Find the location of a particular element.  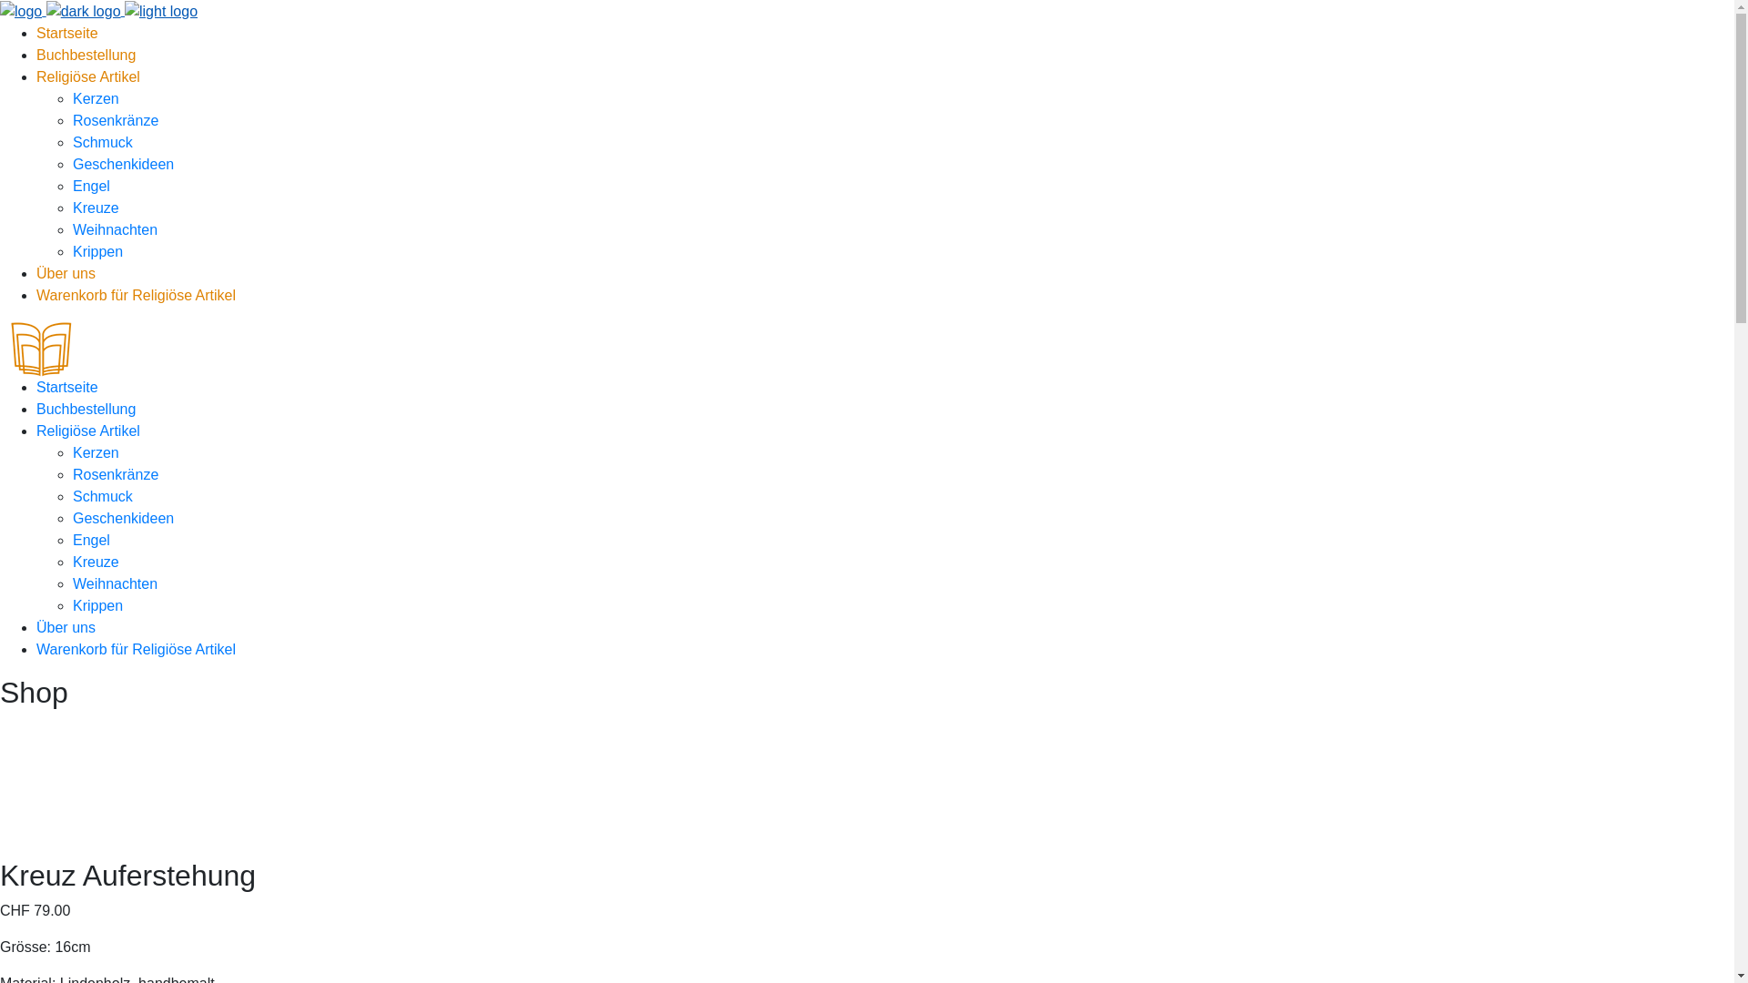

'Krippen' is located at coordinates (97, 605).